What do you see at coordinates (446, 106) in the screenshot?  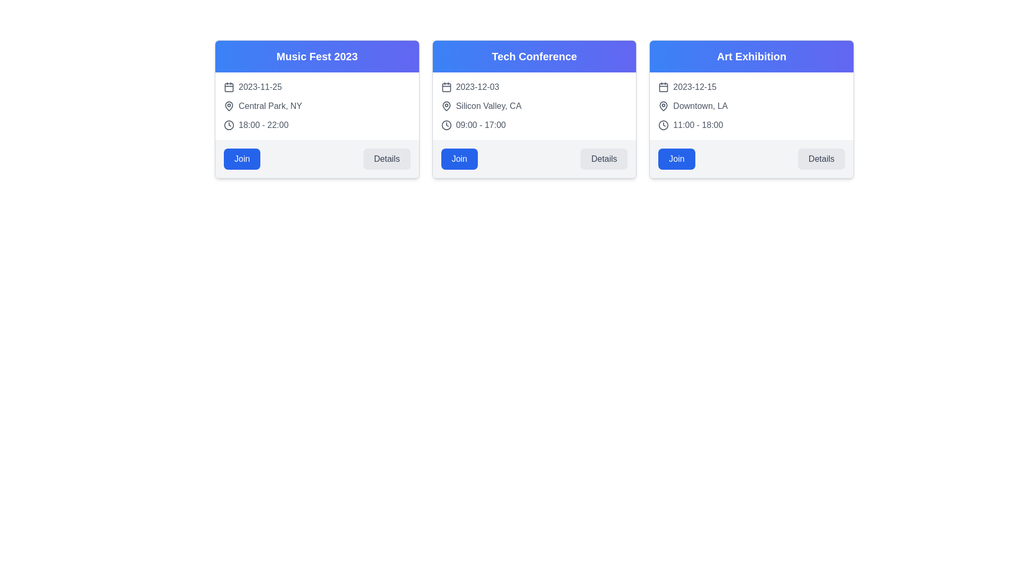 I see `the pin icon representing a location marker in the 'Tech Conference' card, located to the left of 'Silicon Valley, CA' and below the date '2023-12-03'` at bounding box center [446, 106].